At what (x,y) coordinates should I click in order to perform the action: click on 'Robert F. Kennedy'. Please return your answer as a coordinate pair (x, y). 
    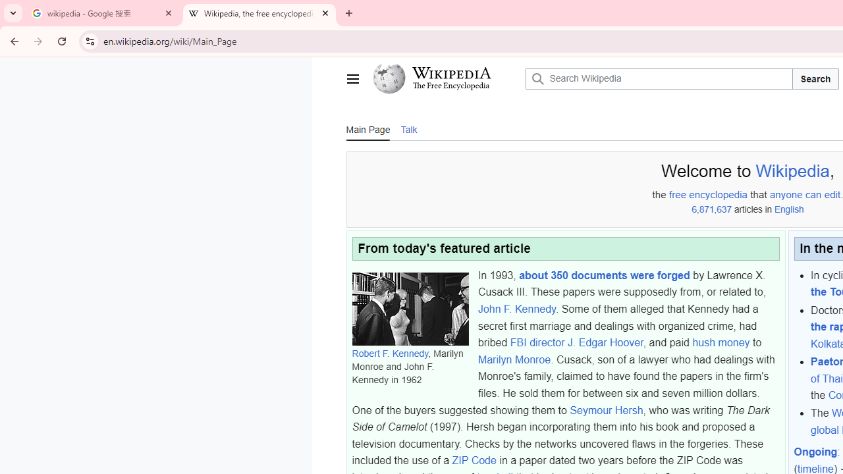
    Looking at the image, I should click on (389, 353).